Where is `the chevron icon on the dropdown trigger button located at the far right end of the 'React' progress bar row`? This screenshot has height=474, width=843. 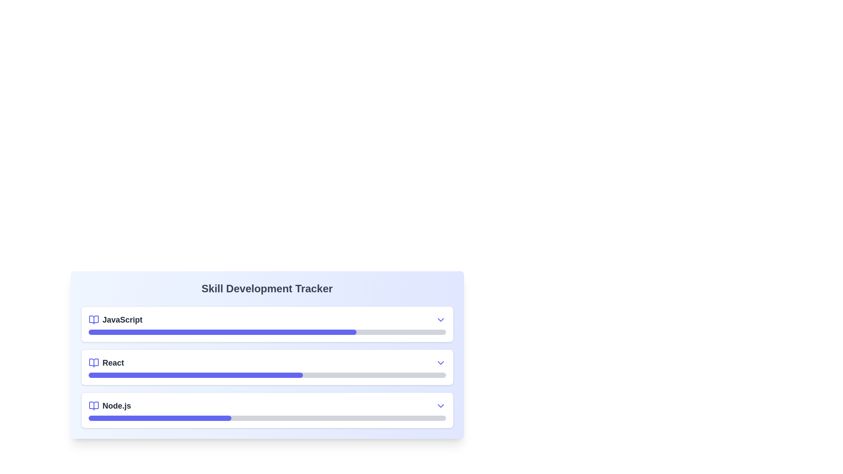
the chevron icon on the dropdown trigger button located at the far right end of the 'React' progress bar row is located at coordinates (440, 363).